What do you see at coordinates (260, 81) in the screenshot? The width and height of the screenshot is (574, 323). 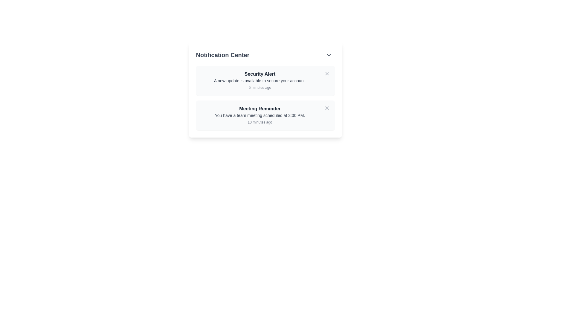 I see `keyboard navigation` at bounding box center [260, 81].